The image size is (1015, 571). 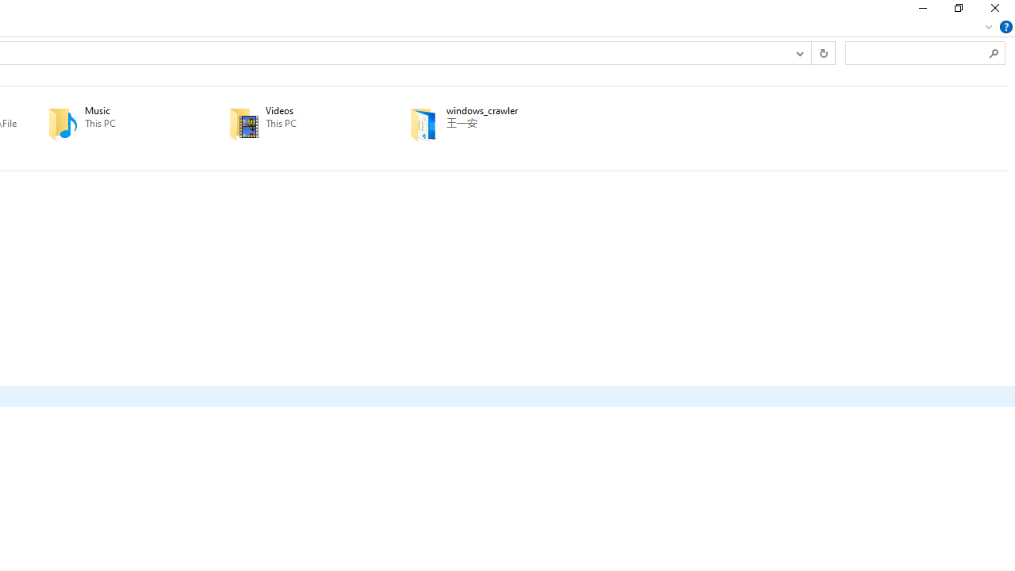 What do you see at coordinates (823, 52) in the screenshot?
I see `'Refresh "Quick access" (F5)'` at bounding box center [823, 52].